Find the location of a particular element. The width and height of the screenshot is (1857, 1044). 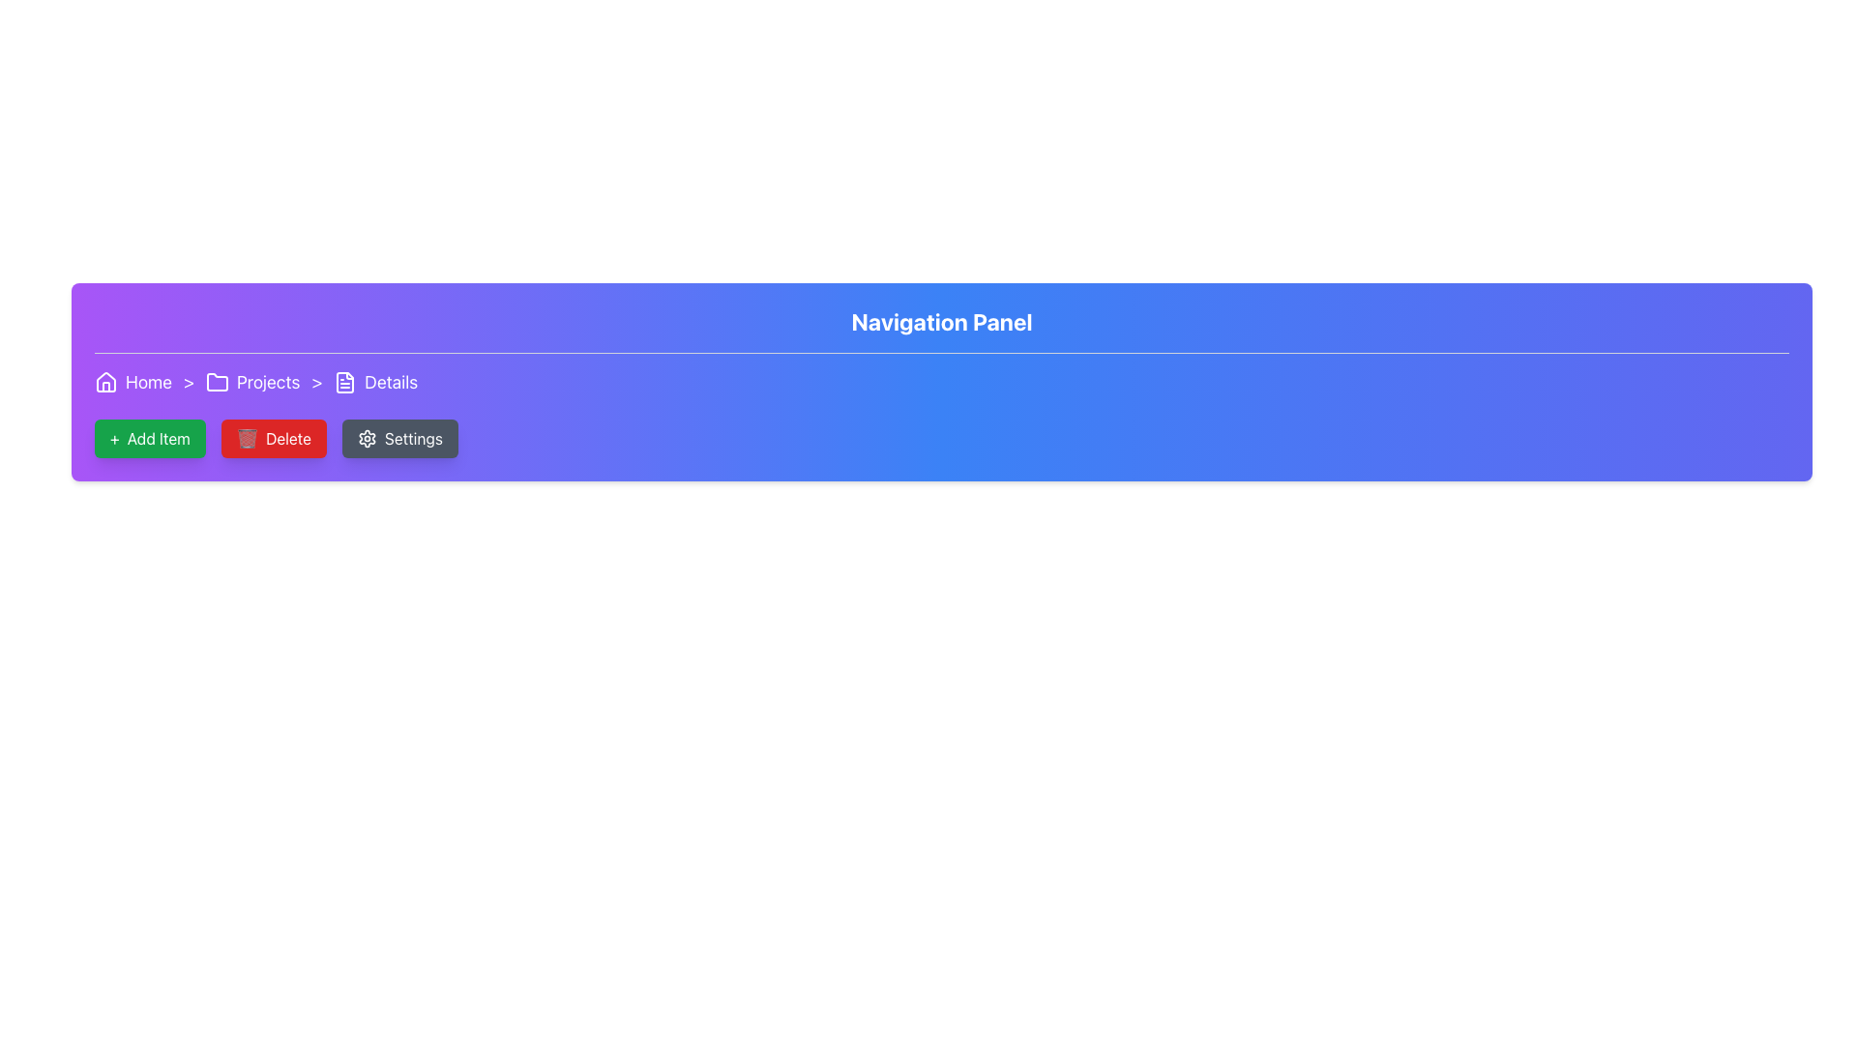

the 'Details' text label in the breadcrumb navigation bar is located at coordinates (390, 383).